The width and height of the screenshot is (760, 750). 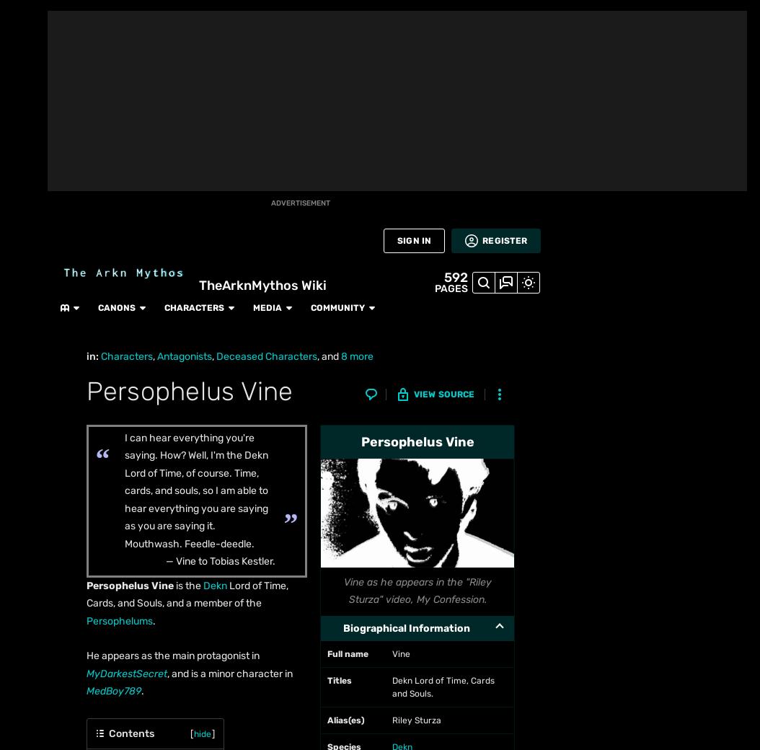 I want to click on 'Fan Central', so click(x=23, y=138).